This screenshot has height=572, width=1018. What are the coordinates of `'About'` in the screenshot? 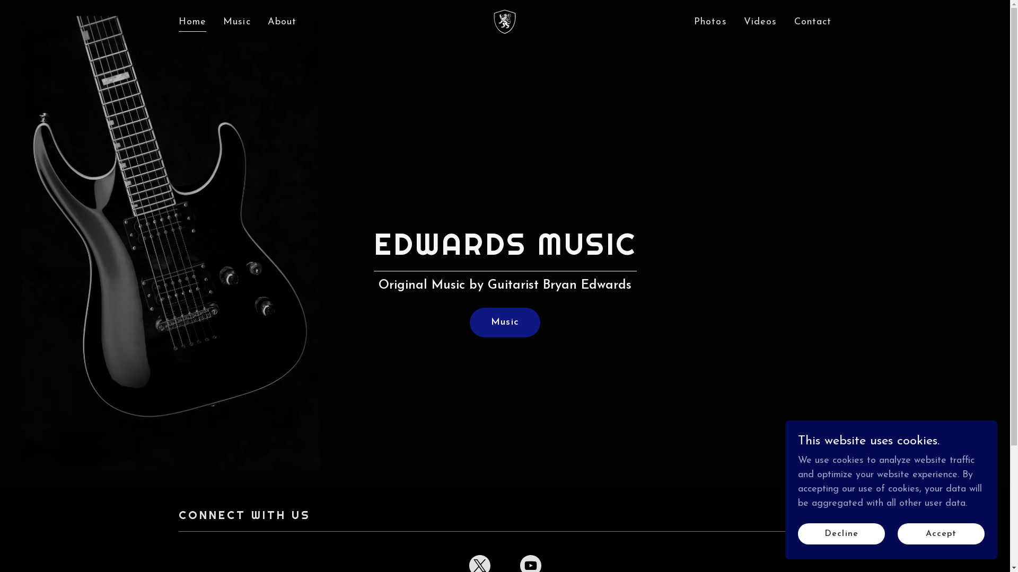 It's located at (282, 22).